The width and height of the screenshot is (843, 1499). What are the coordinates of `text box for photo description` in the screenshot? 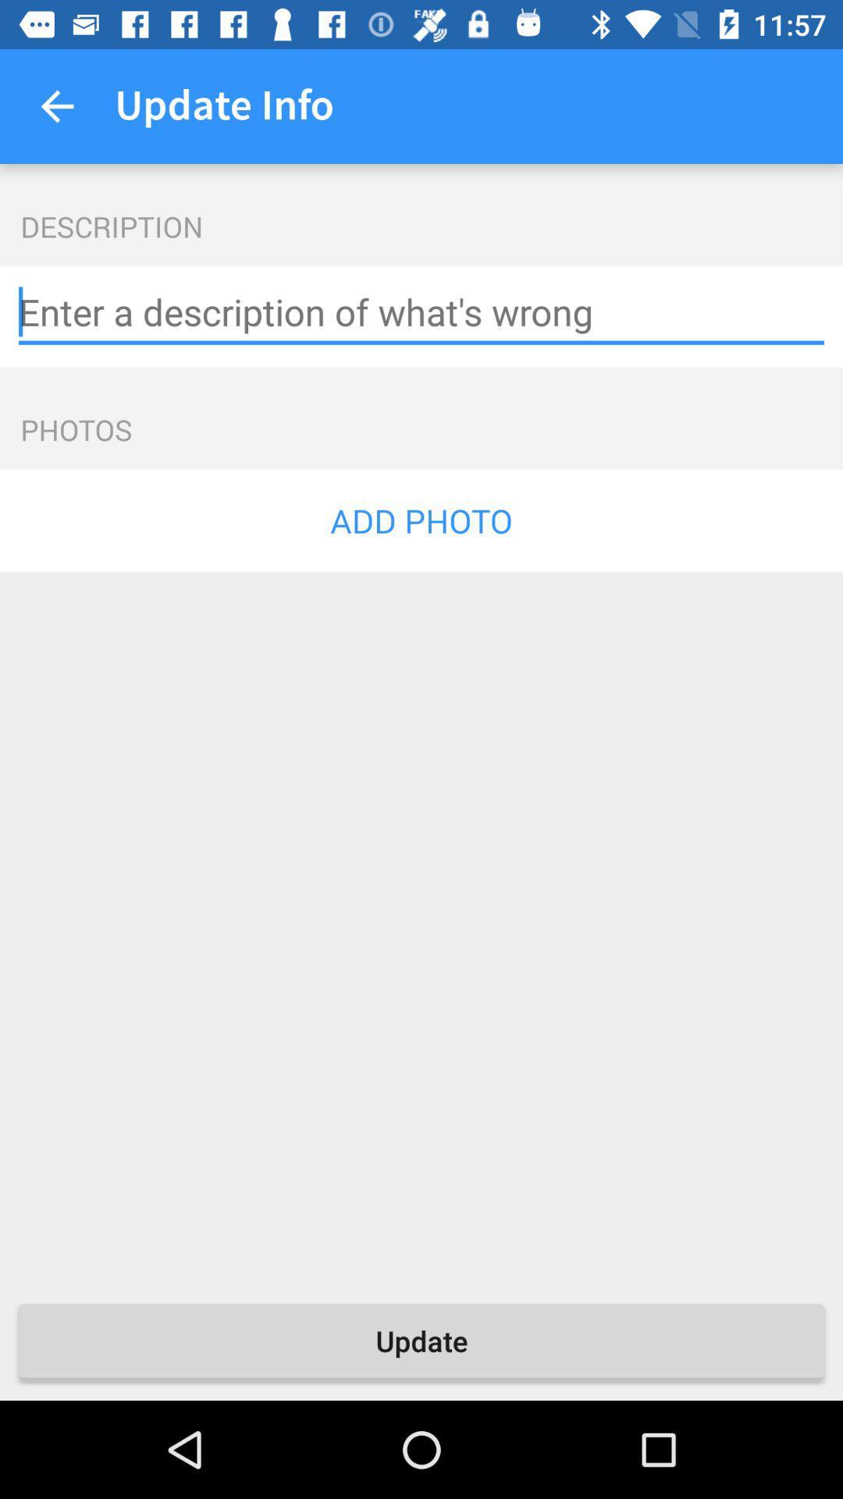 It's located at (421, 312).